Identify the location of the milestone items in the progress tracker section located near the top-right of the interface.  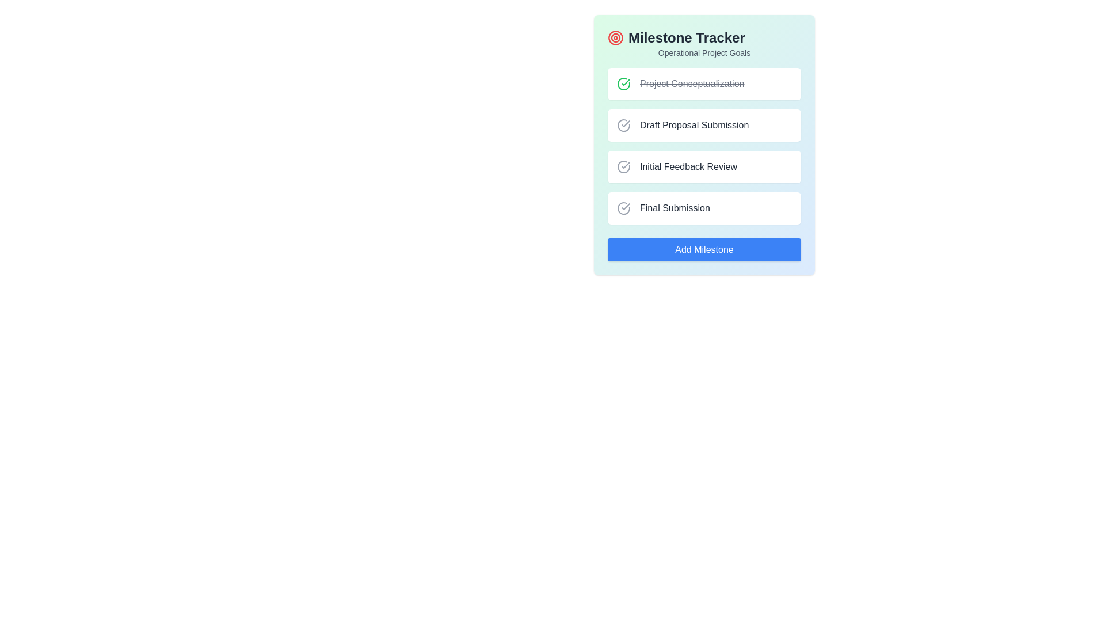
(704, 144).